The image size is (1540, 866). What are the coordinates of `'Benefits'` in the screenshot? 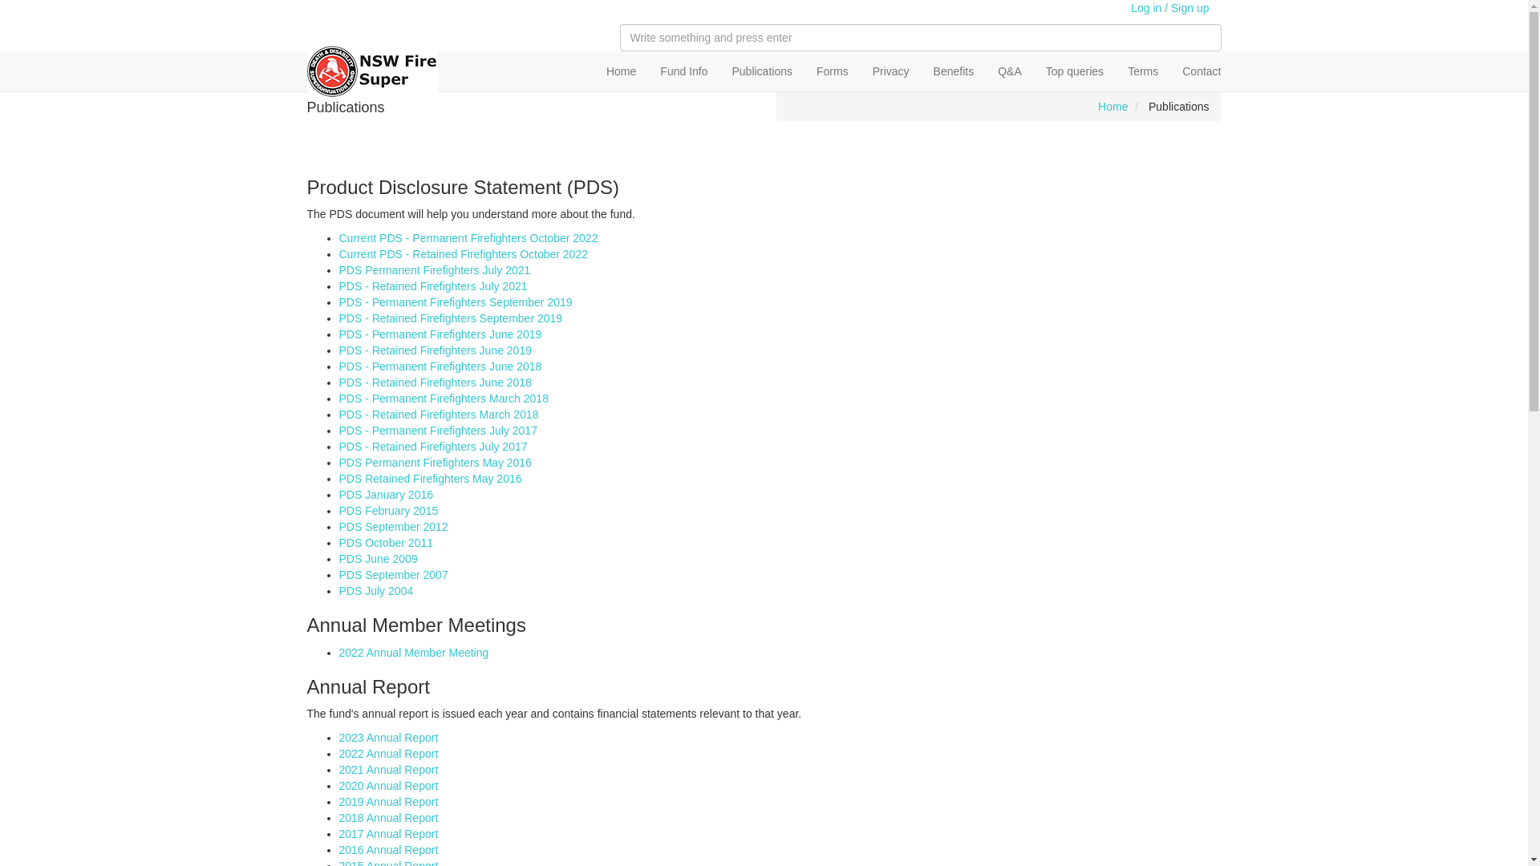 It's located at (954, 70).